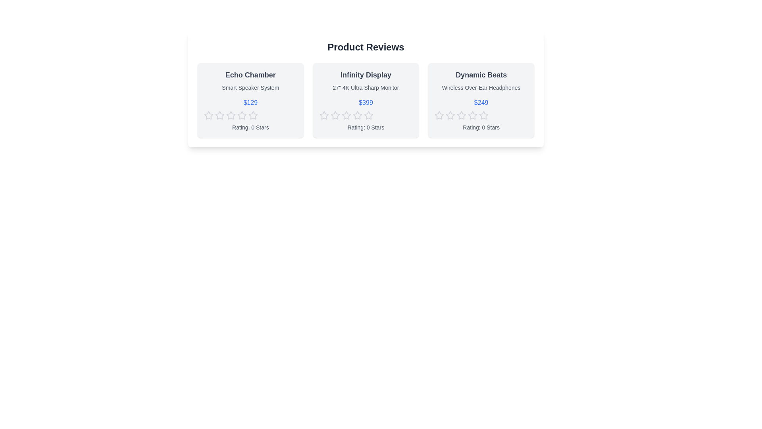  What do you see at coordinates (335, 115) in the screenshot?
I see `the first star in the five-star rating bar under the product titled 'Infinity Display'` at bounding box center [335, 115].